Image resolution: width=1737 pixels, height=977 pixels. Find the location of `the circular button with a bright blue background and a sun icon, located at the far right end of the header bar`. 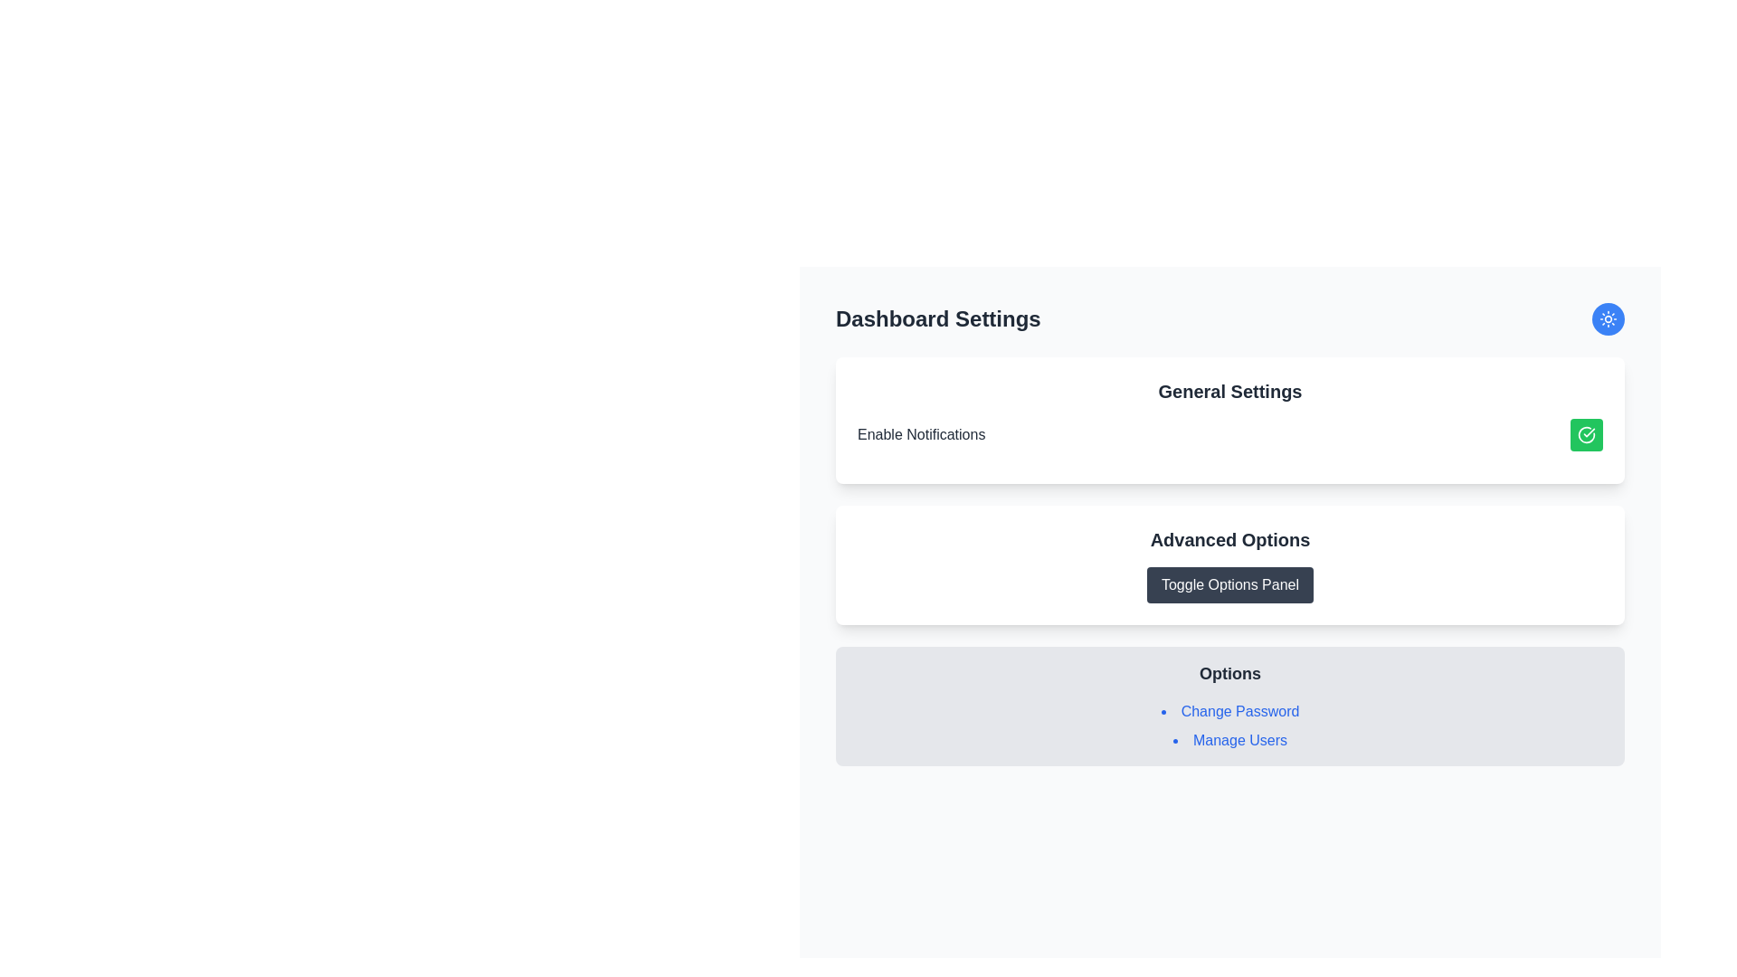

the circular button with a bright blue background and a sun icon, located at the far right end of the header bar is located at coordinates (1608, 318).